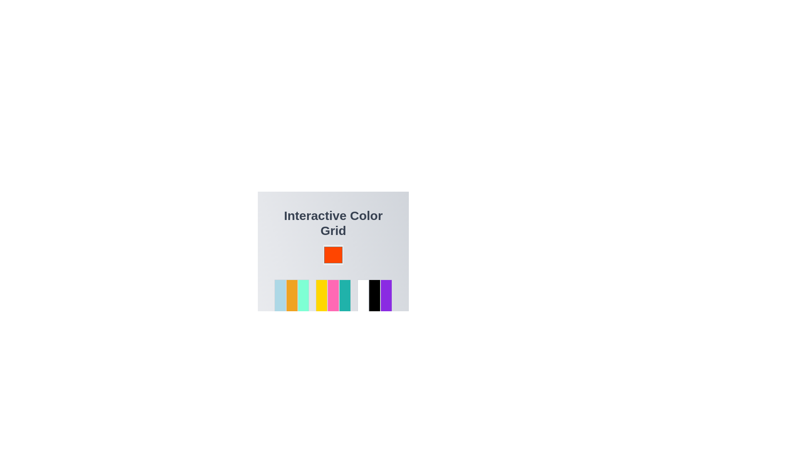  Describe the element at coordinates (332, 295) in the screenshot. I see `the interactive grid cell with a pink background located in the second row and fifth column of the color grid` at that location.